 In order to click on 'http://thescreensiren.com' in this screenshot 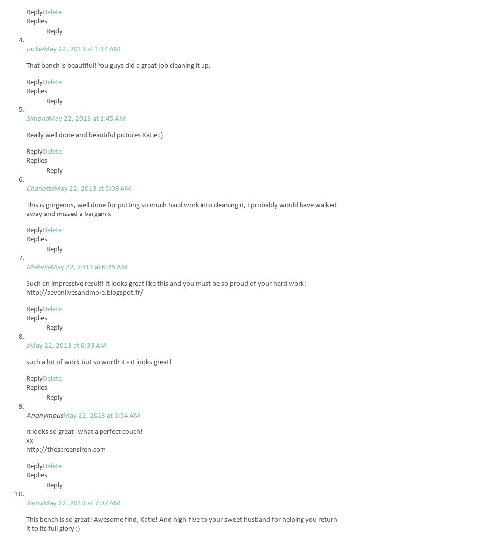, I will do `click(66, 449)`.